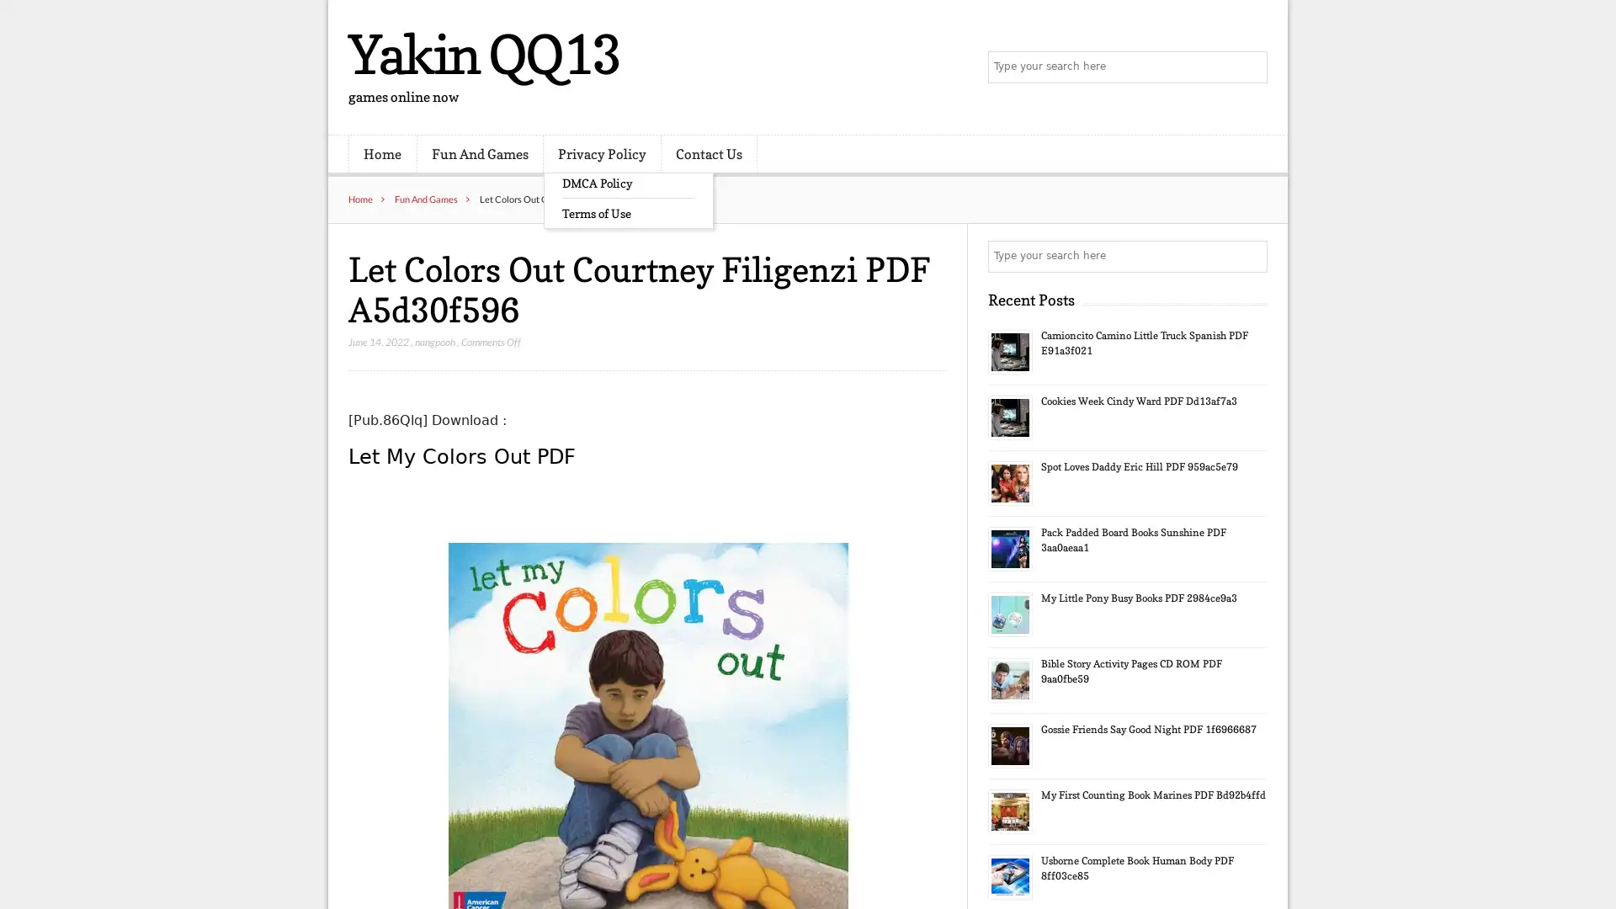 The height and width of the screenshot is (909, 1616). What do you see at coordinates (1250, 67) in the screenshot?
I see `Search` at bounding box center [1250, 67].